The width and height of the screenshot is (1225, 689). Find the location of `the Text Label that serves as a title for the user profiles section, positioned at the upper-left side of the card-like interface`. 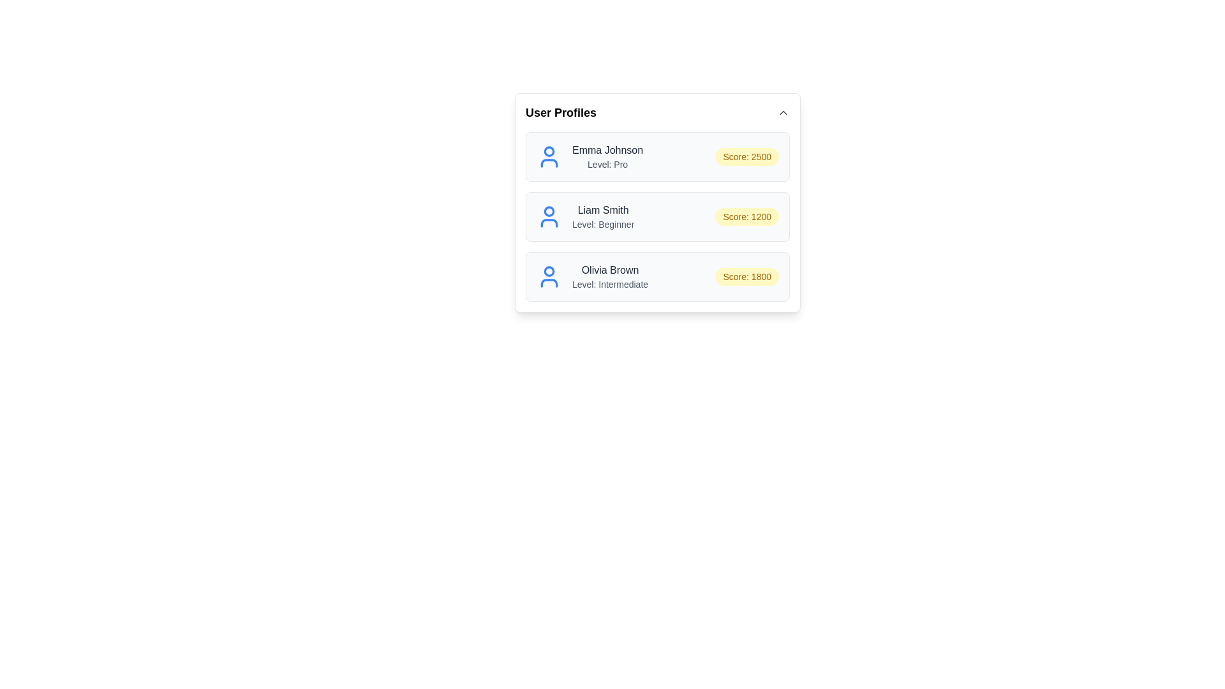

the Text Label that serves as a title for the user profiles section, positioned at the upper-left side of the card-like interface is located at coordinates (561, 112).